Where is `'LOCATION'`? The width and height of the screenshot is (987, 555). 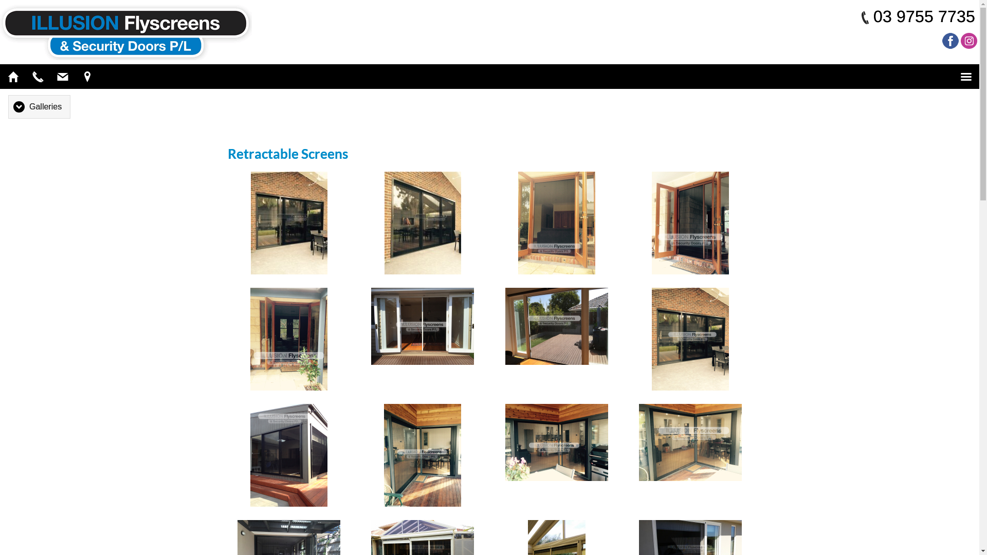
'LOCATION' is located at coordinates (87, 76).